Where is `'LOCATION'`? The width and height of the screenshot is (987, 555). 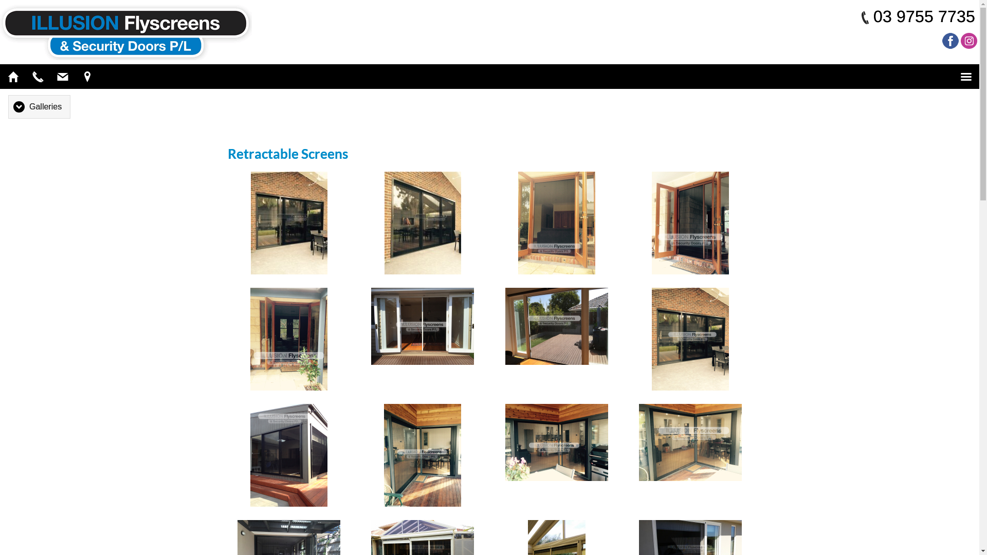
'LOCATION' is located at coordinates (87, 76).